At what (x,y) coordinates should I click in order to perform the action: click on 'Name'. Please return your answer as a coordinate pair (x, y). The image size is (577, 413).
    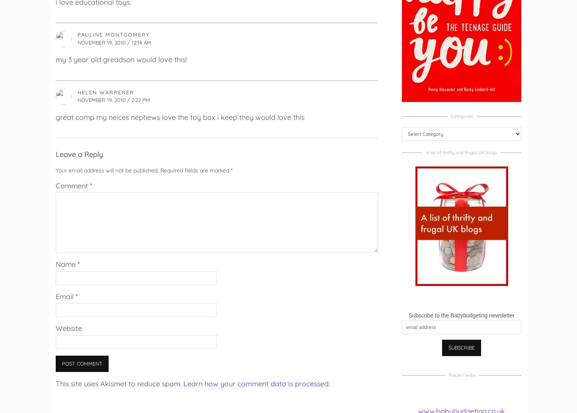
    Looking at the image, I should click on (55, 264).